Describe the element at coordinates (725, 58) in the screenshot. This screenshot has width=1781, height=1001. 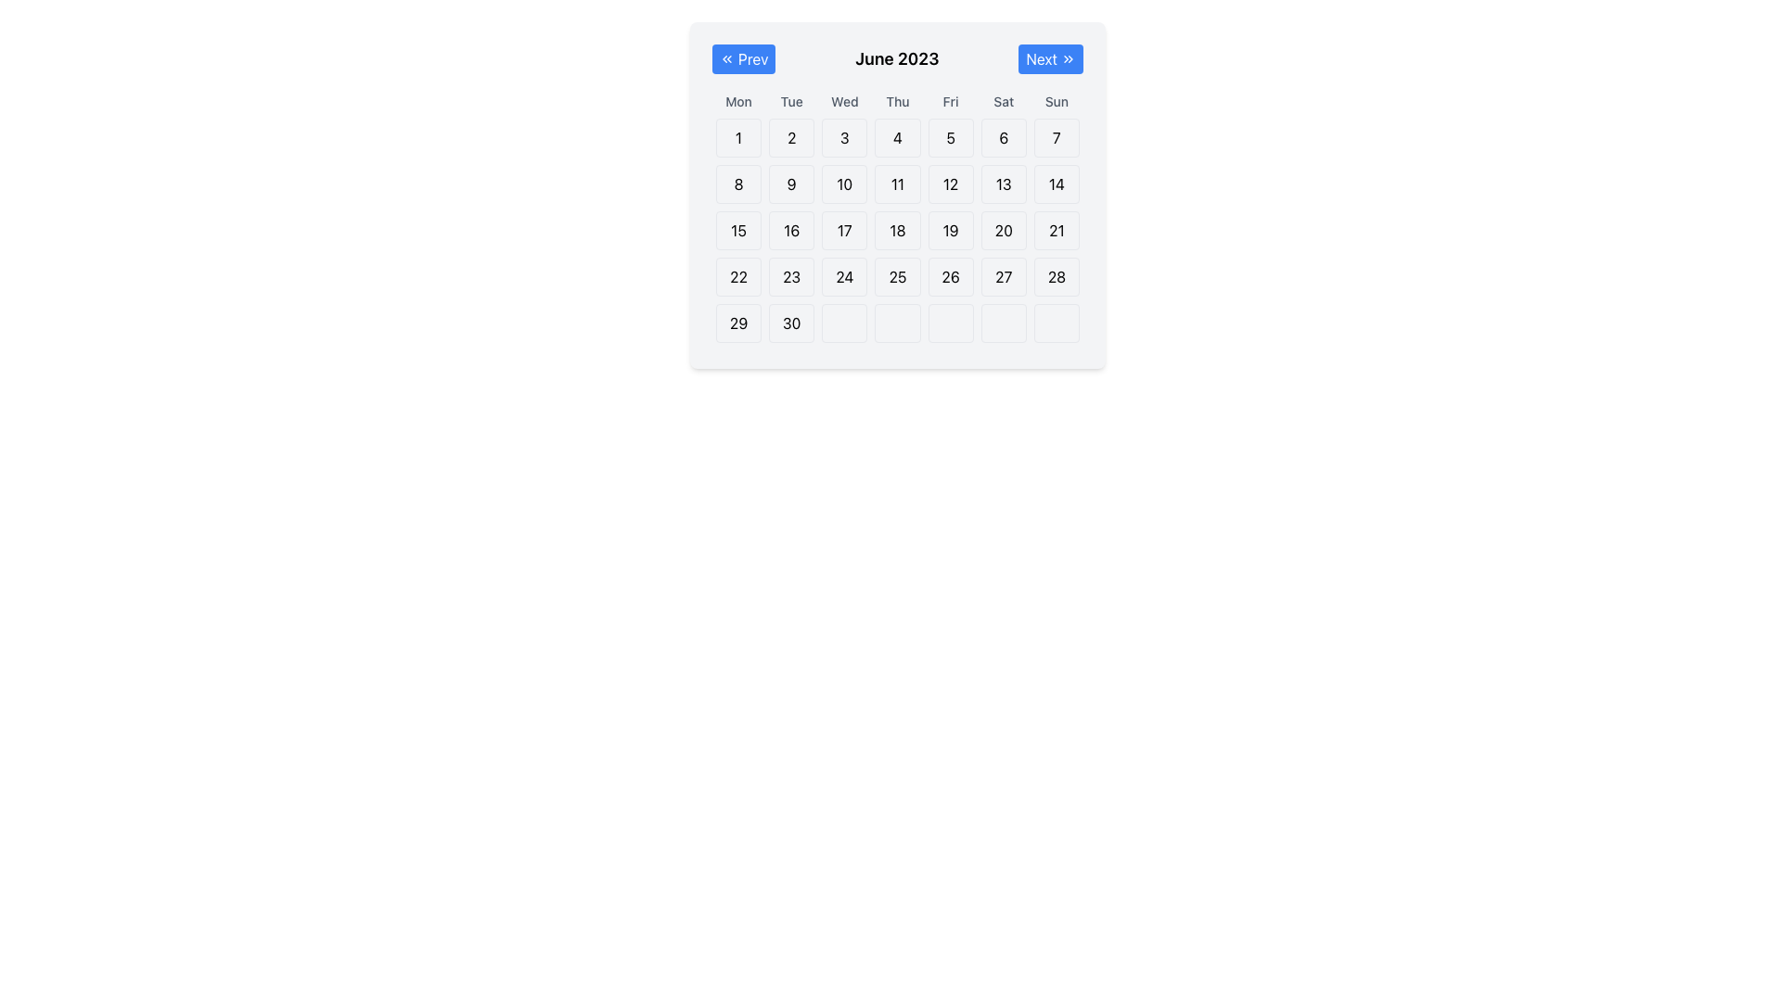
I see `the left-pointing double-chevron icon rendered in white on a blue background, which is located to the left of the 'Prev' text in the button for navigation` at that location.